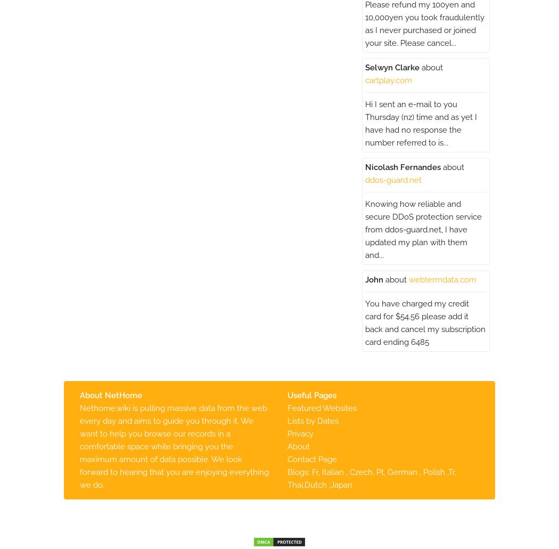  I want to click on 'Lists by Dates', so click(313, 419).